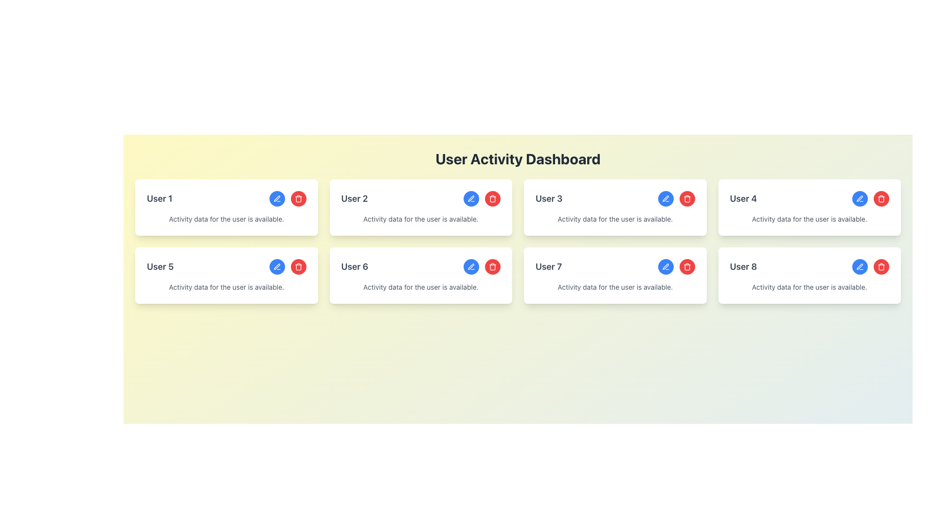 Image resolution: width=934 pixels, height=525 pixels. What do you see at coordinates (226, 219) in the screenshot?
I see `the static text element providing status updates located below the title 'User 1' in the user activity dashboard grid` at bounding box center [226, 219].